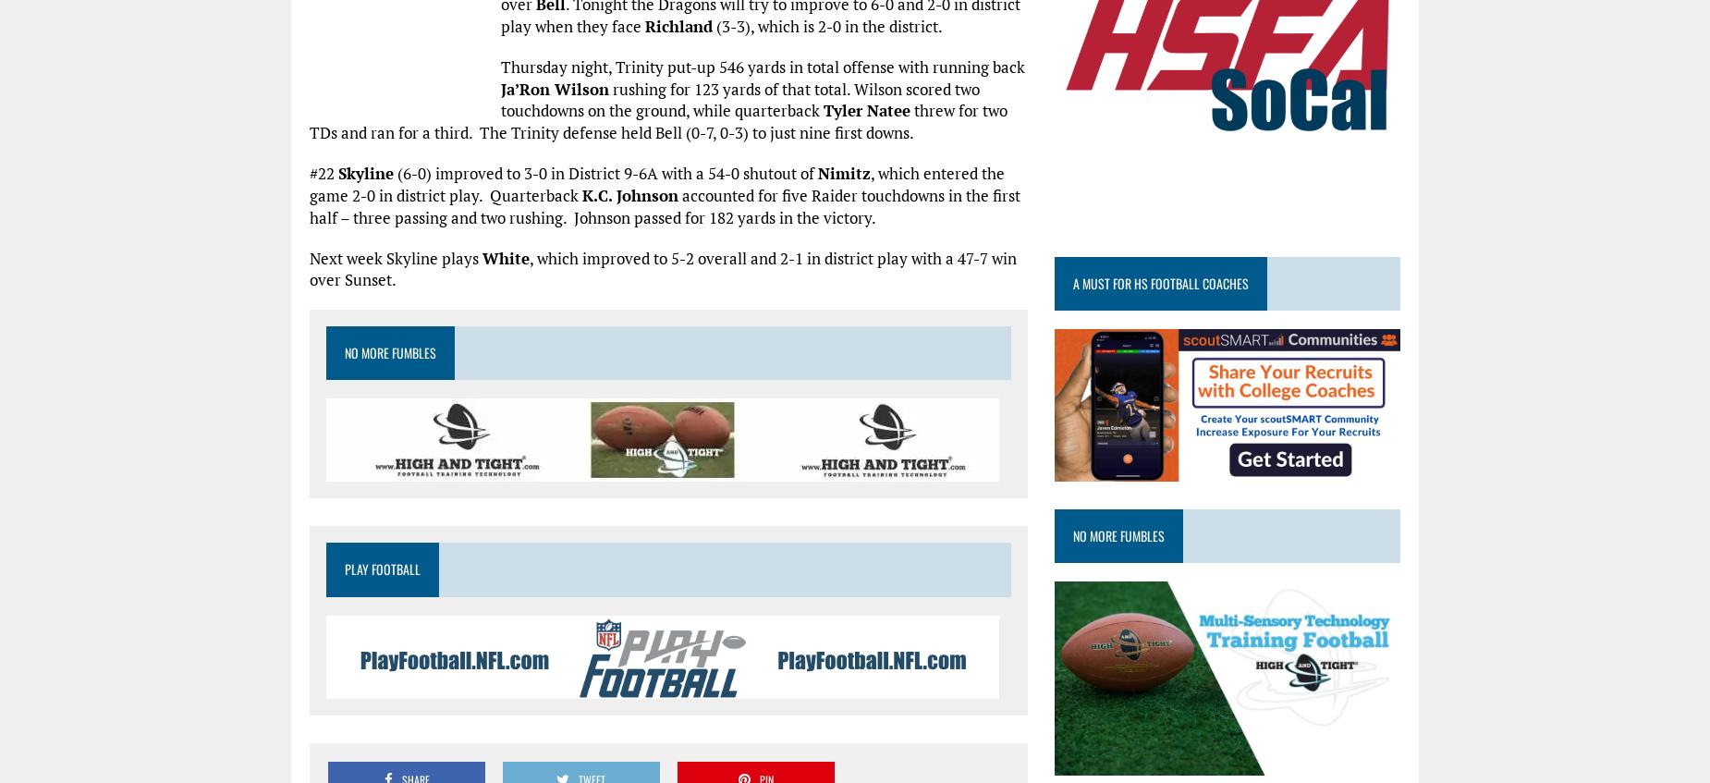  I want to click on 'accounted for five Raider touchdowns in the first half – three passing and two rushing.  Johnson passed for 182 yards in the victory.', so click(309, 205).